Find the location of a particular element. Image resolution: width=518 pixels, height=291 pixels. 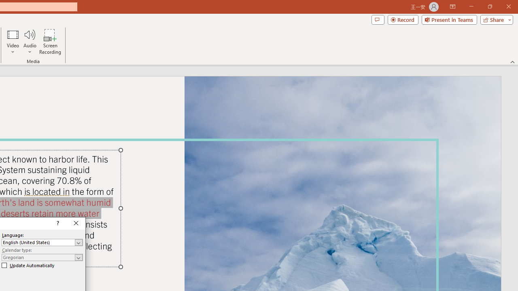

'Collapse the Ribbon' is located at coordinates (512, 61).